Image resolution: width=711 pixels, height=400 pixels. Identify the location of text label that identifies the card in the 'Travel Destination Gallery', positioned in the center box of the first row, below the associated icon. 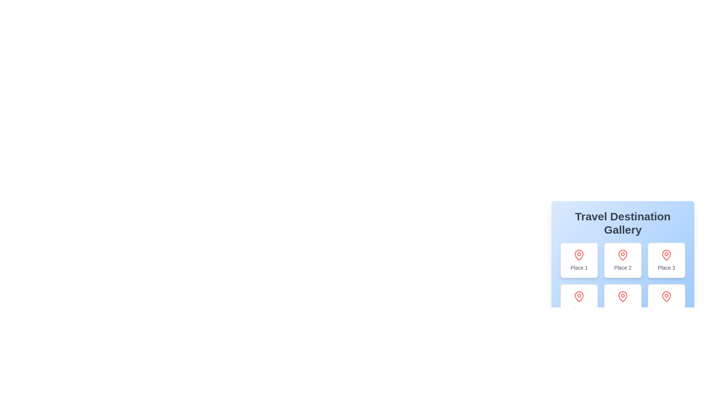
(622, 267).